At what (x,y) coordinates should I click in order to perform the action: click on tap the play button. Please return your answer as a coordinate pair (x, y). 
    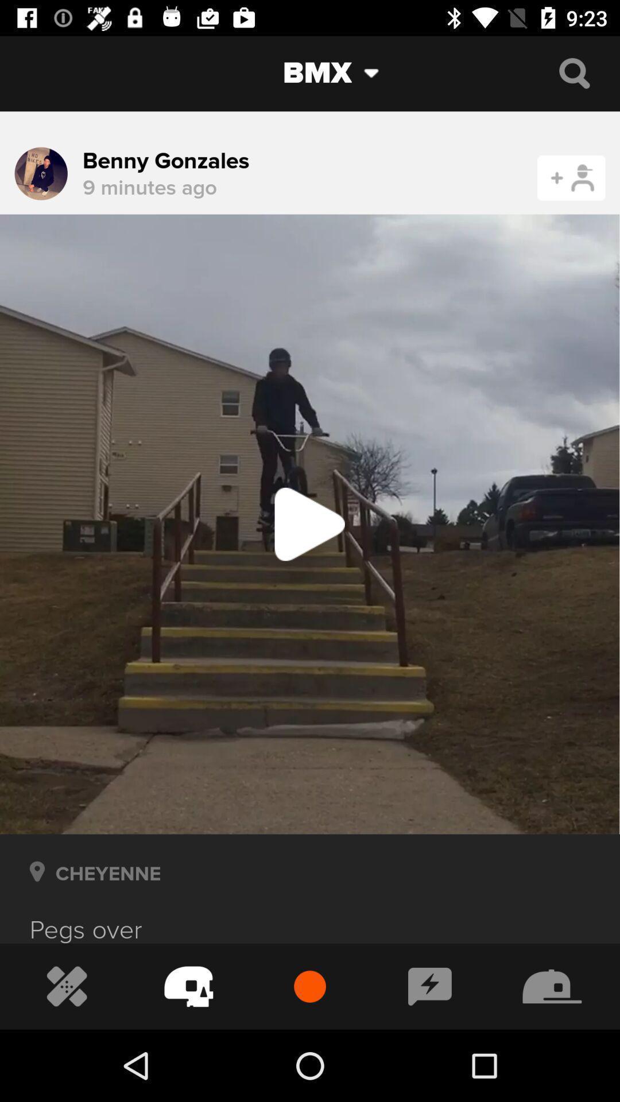
    Looking at the image, I should click on (310, 523).